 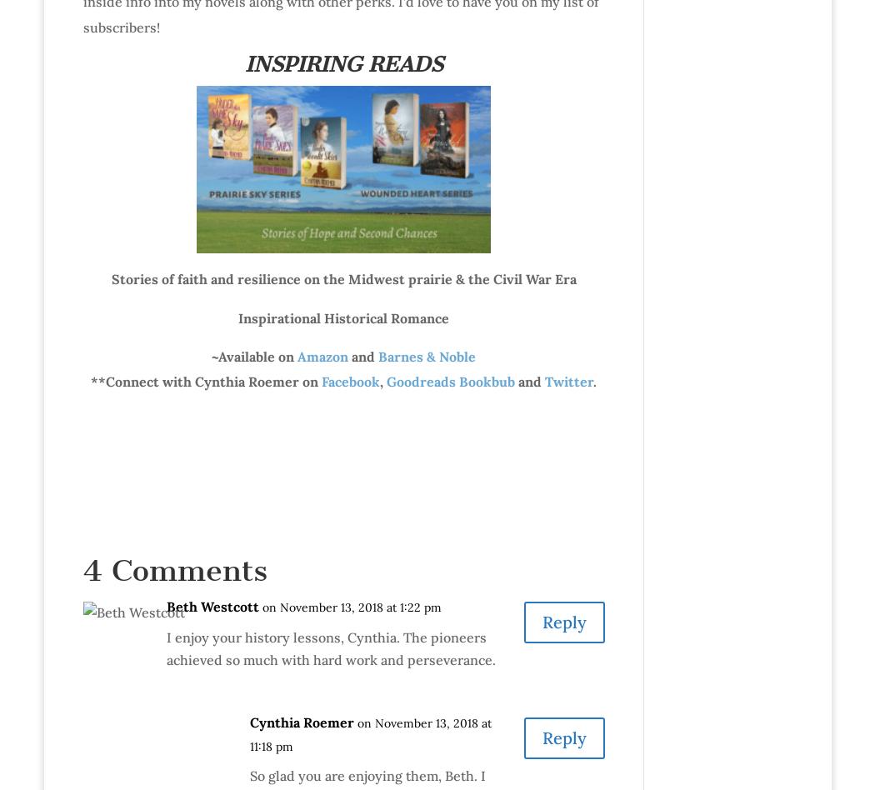 What do you see at coordinates (330, 647) in the screenshot?
I see `'I enjoy your history lessons, Cynthia. The pioneers achieved so much with hard work and perseverance.'` at bounding box center [330, 647].